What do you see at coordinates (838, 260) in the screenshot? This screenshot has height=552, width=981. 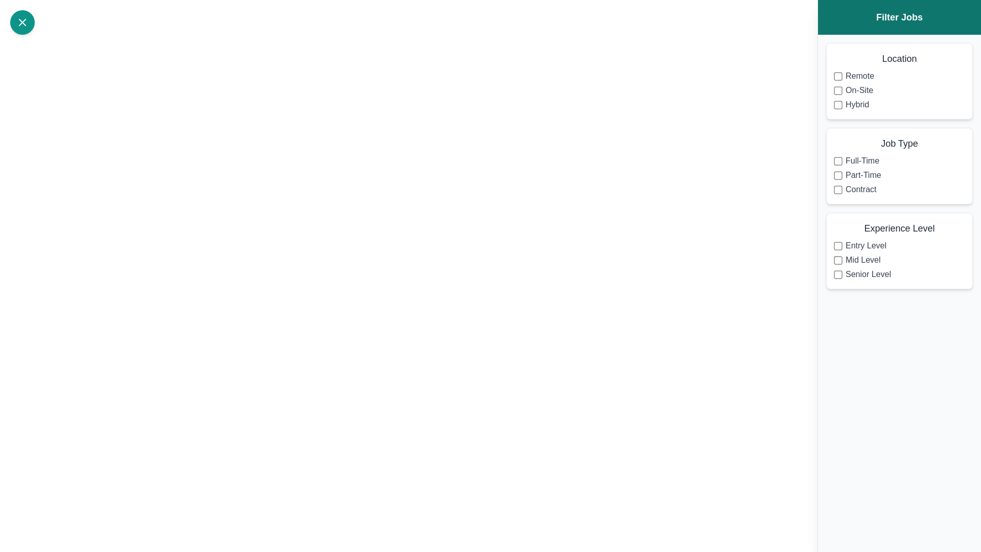 I see `the filter option Mid Level` at bounding box center [838, 260].